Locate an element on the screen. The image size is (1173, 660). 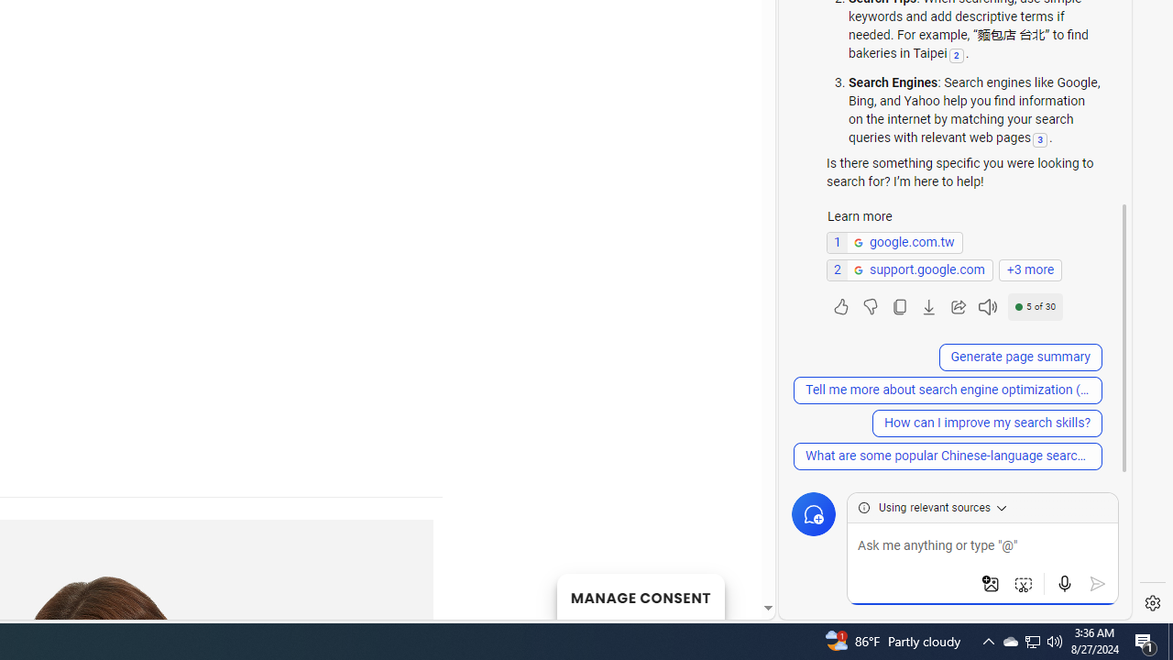
'MANAGE CONSENT' is located at coordinates (640, 596).